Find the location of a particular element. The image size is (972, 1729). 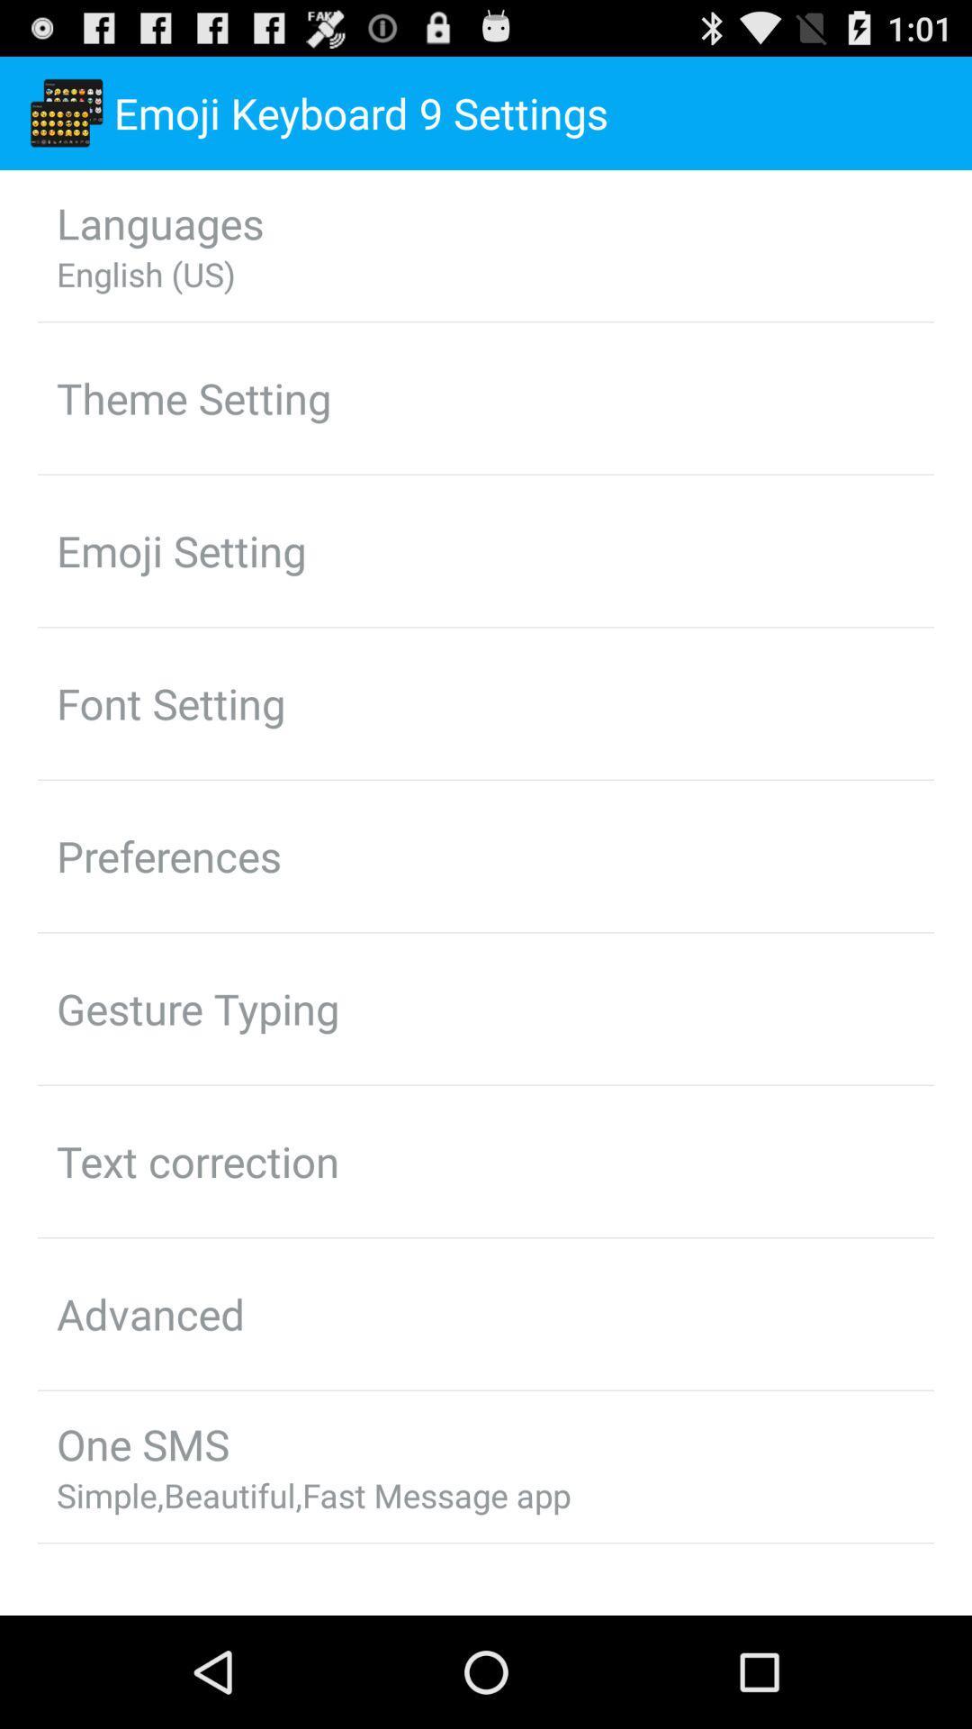

the one sms is located at coordinates (141, 1444).